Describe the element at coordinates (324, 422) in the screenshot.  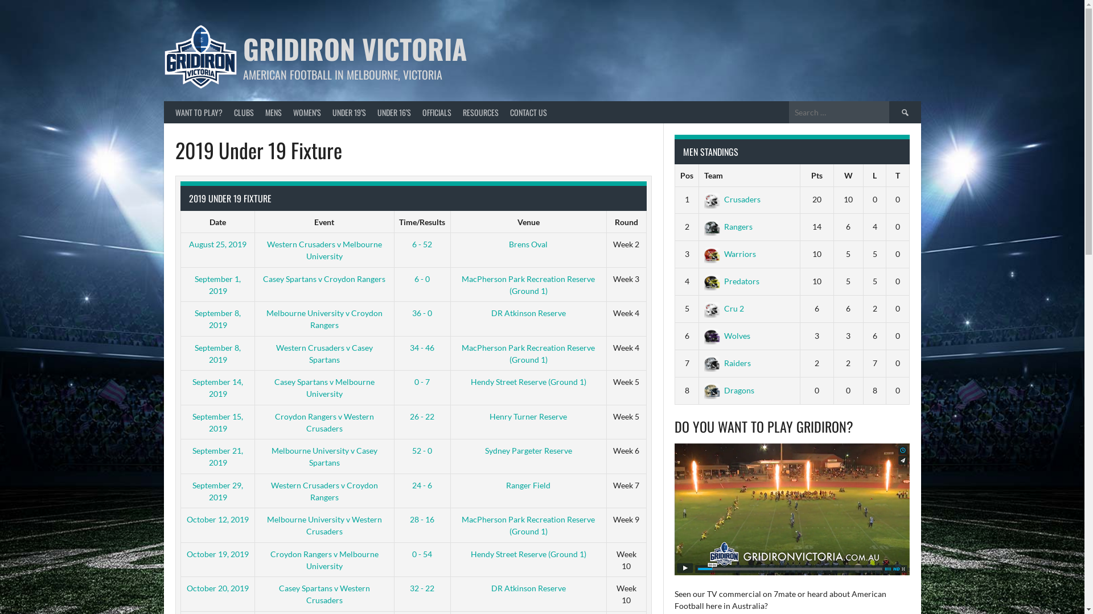
I see `'Croydon Rangers v Western Crusaders'` at that location.